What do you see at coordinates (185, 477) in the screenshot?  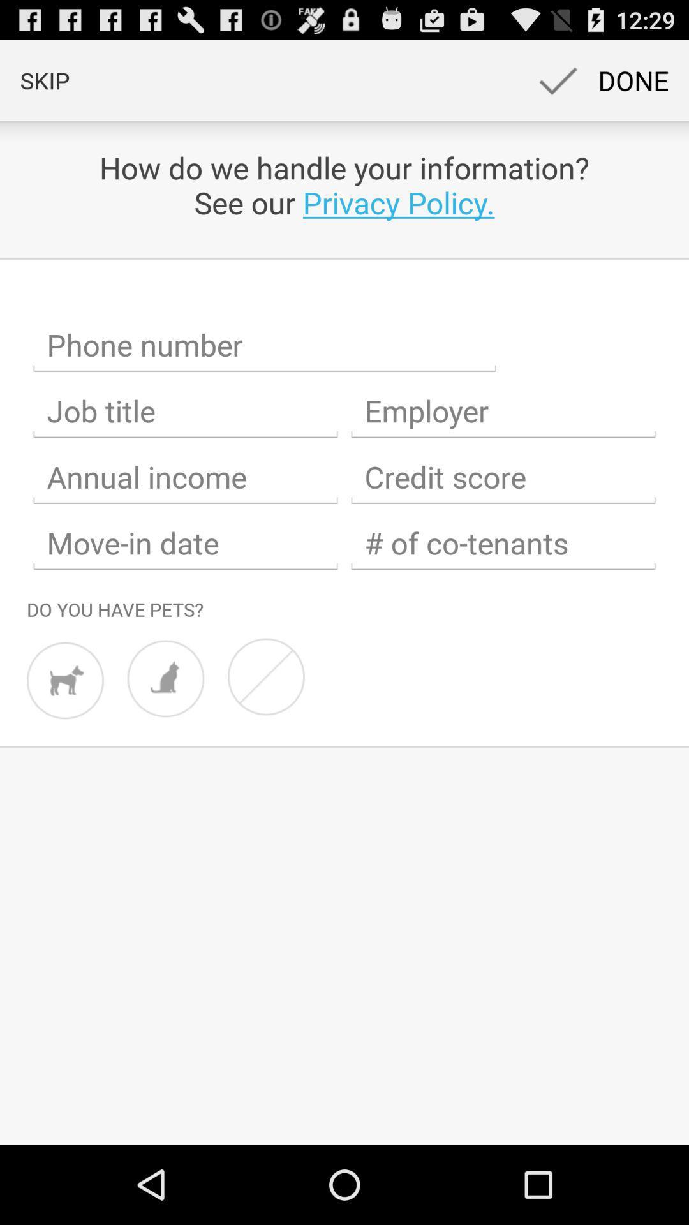 I see `user information box` at bounding box center [185, 477].